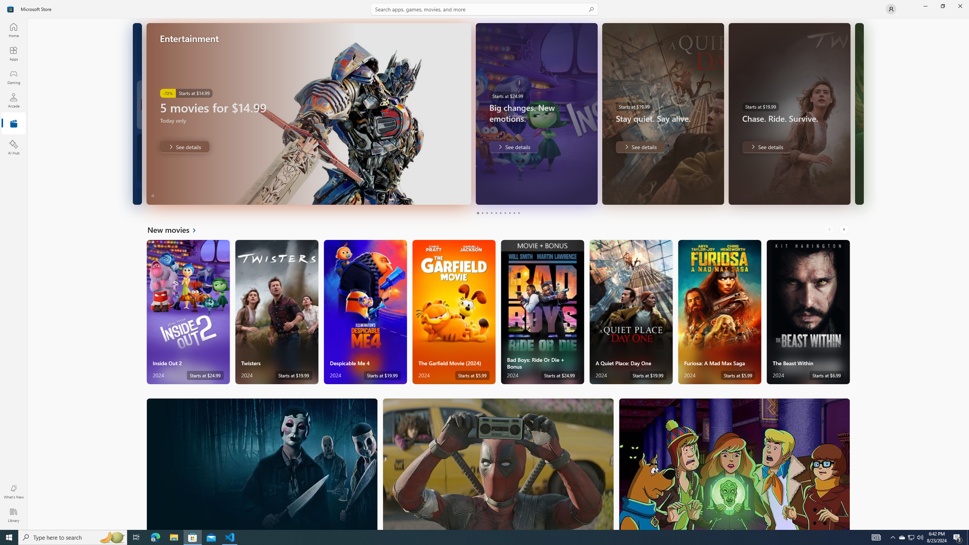 The width and height of the screenshot is (969, 545). I want to click on 'Page 10', so click(518, 213).